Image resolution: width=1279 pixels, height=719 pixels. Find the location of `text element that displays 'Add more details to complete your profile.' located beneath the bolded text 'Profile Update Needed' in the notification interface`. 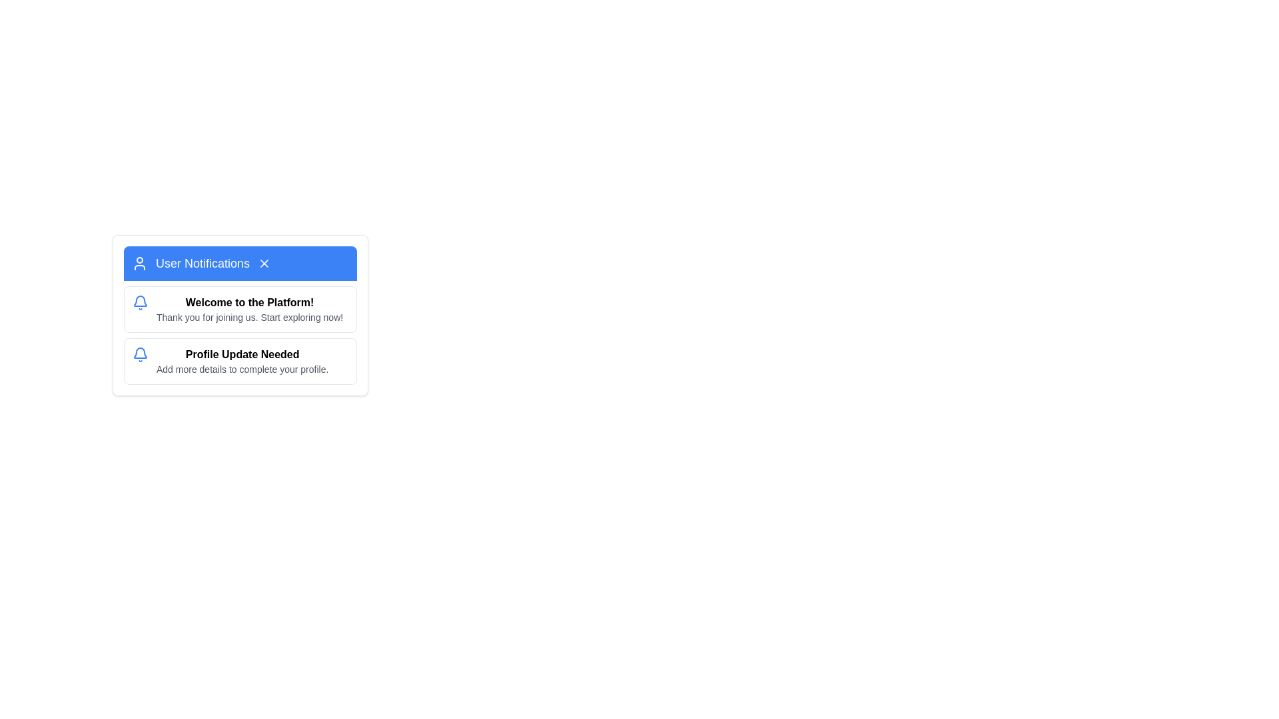

text element that displays 'Add more details to complete your profile.' located beneath the bolded text 'Profile Update Needed' in the notification interface is located at coordinates (242, 369).